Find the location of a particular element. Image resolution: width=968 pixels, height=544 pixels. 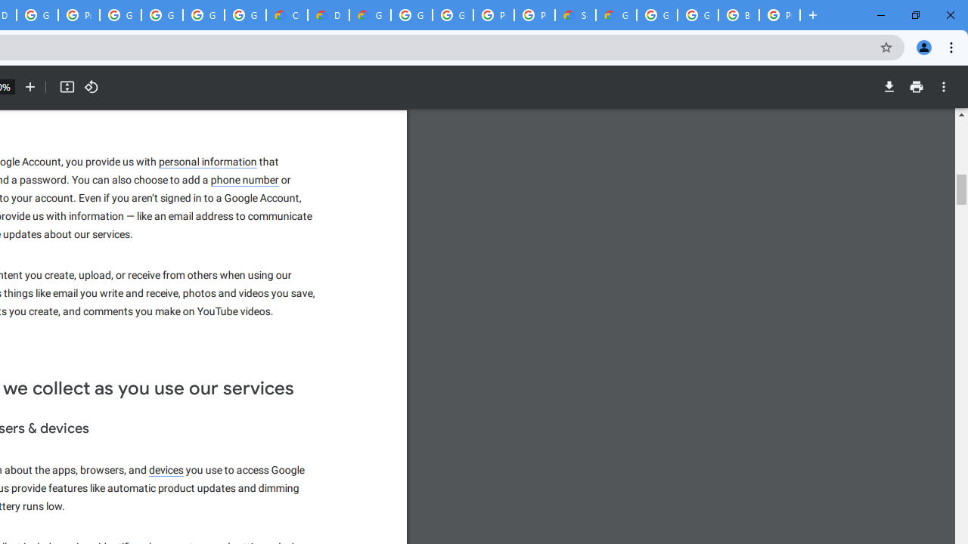

'Google Cloud Service Health' is located at coordinates (616, 15).